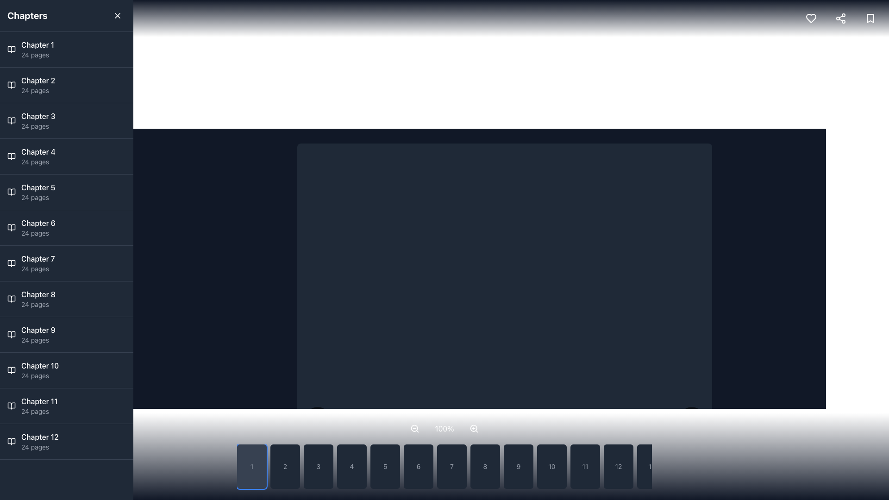 The height and width of the screenshot is (500, 889). What do you see at coordinates (444, 428) in the screenshot?
I see `the text label displaying the current zoom percentage, which is centrally positioned within the zoom controls row` at bounding box center [444, 428].